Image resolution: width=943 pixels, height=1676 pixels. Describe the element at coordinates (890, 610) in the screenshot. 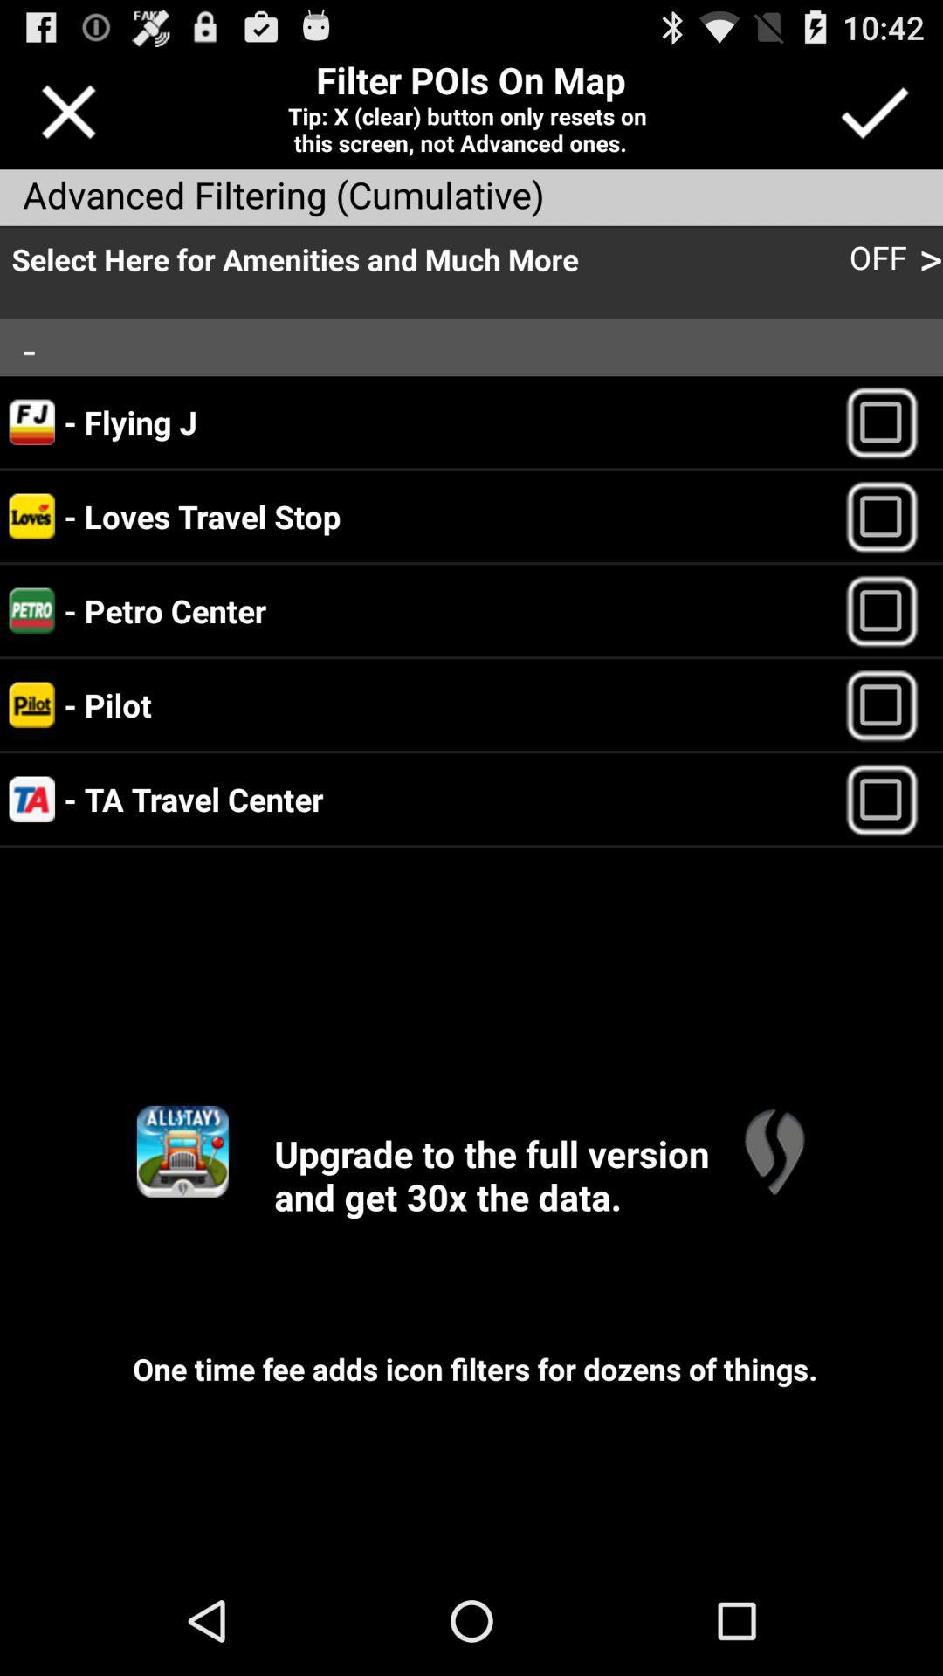

I see `the option` at that location.